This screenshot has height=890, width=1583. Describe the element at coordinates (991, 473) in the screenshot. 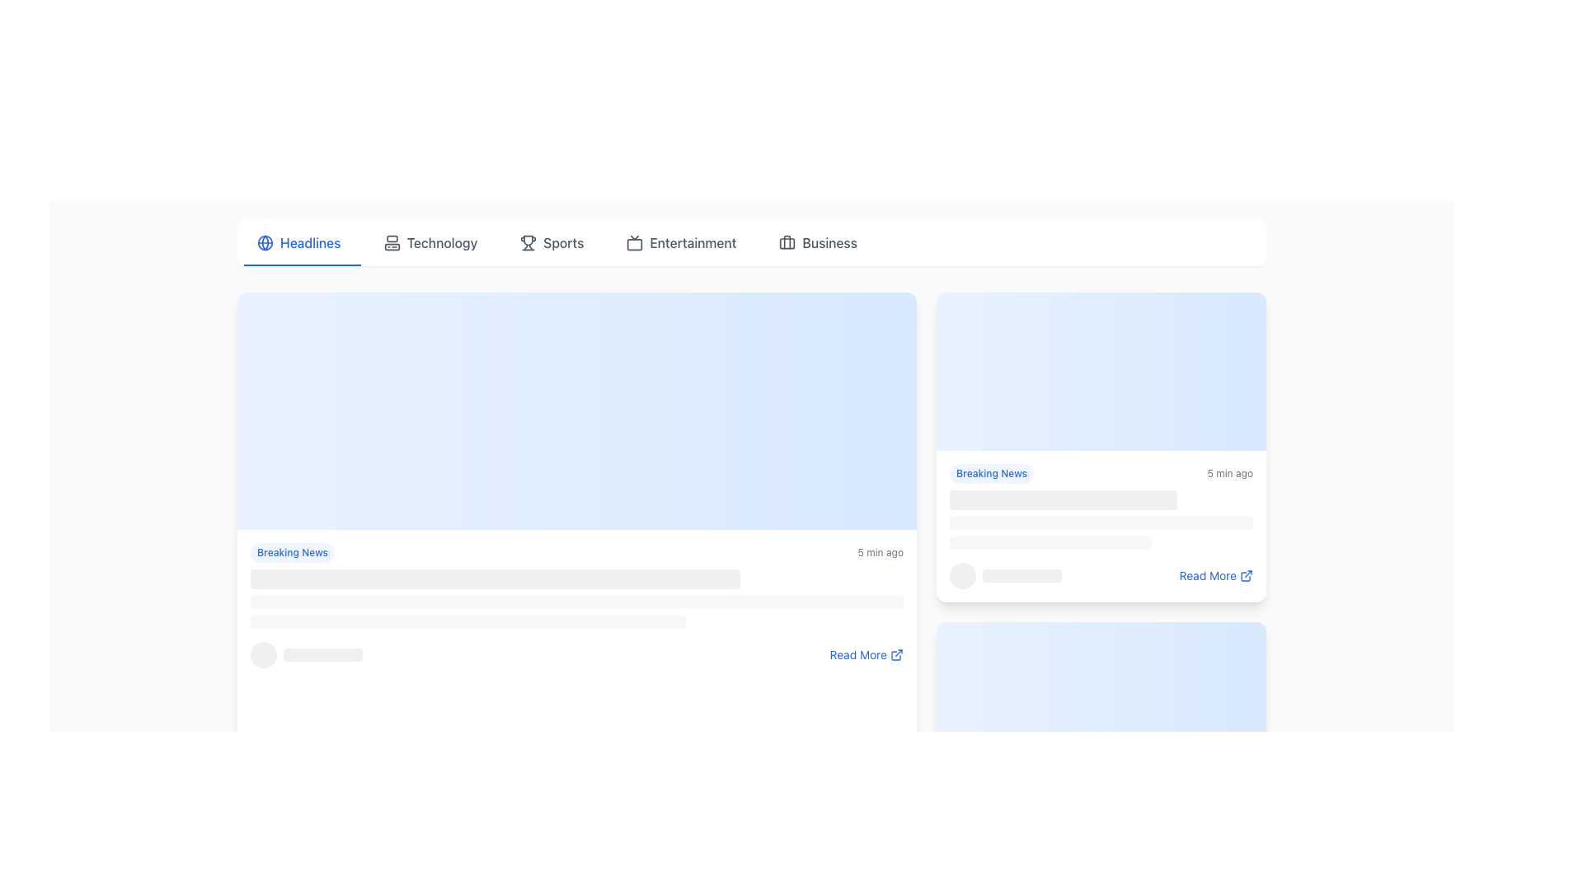

I see `the 'Breaking News' badge, which is a small, rounded rectangular badge with a light blue background and bold blue text, located in the rightmost column of a multi-column layout` at that location.